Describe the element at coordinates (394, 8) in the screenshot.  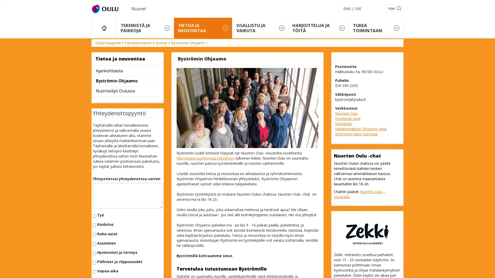
I see `Hae` at that location.